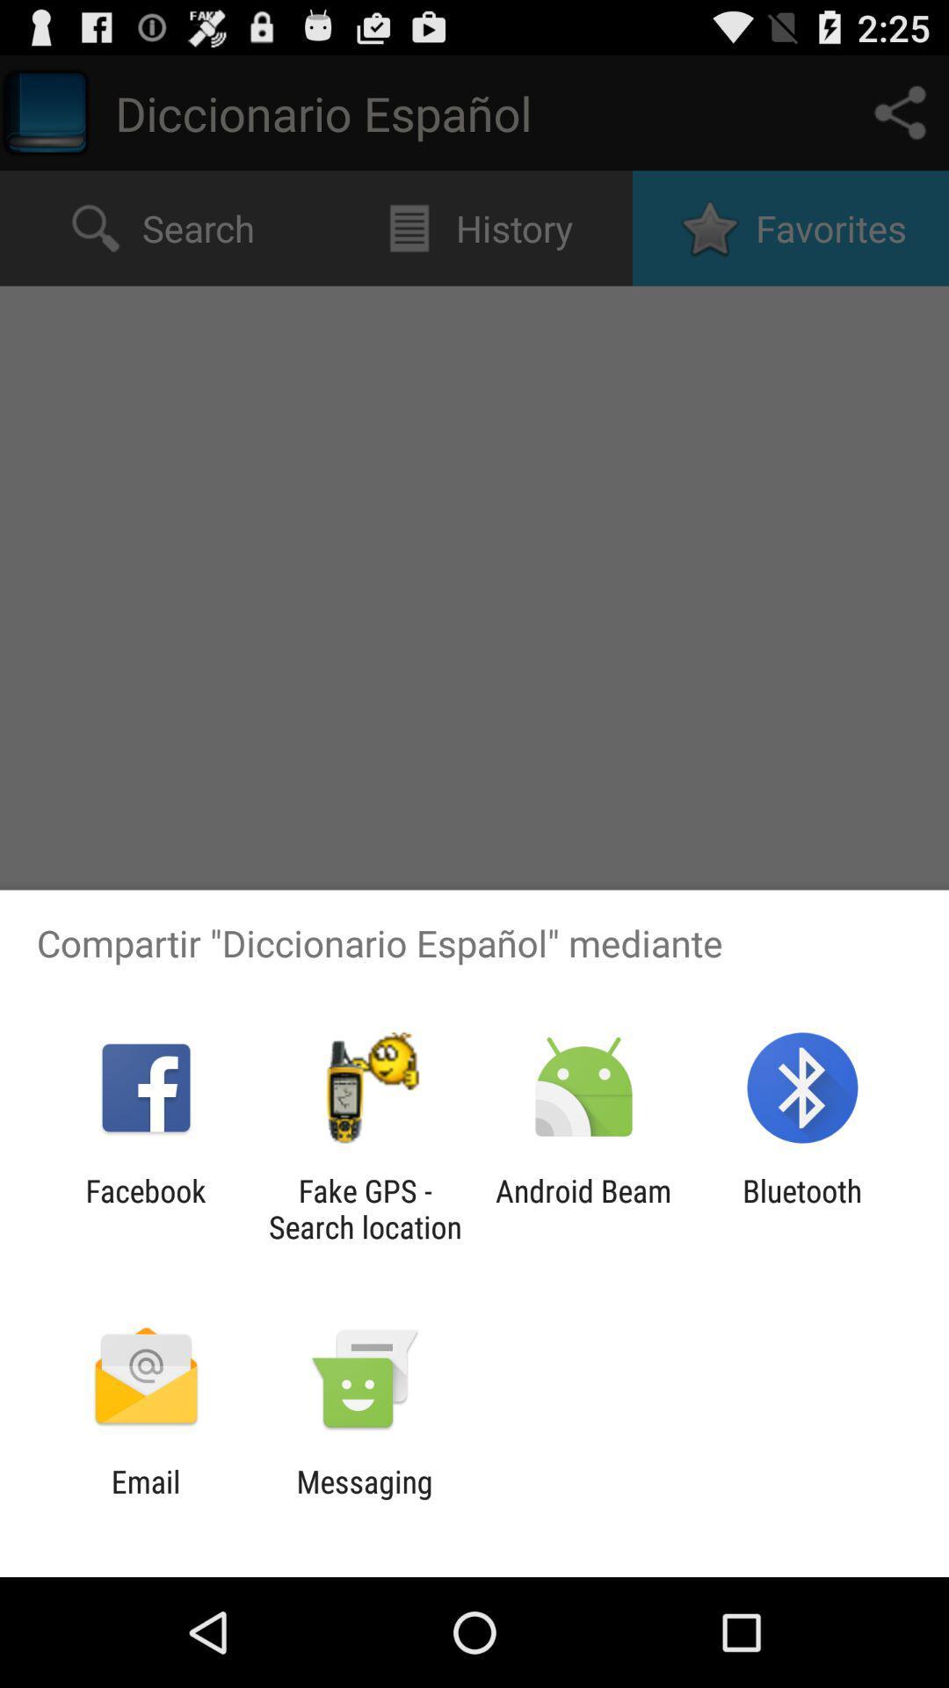 This screenshot has height=1688, width=949. Describe the element at coordinates (583, 1208) in the screenshot. I see `item next to the fake gps search` at that location.